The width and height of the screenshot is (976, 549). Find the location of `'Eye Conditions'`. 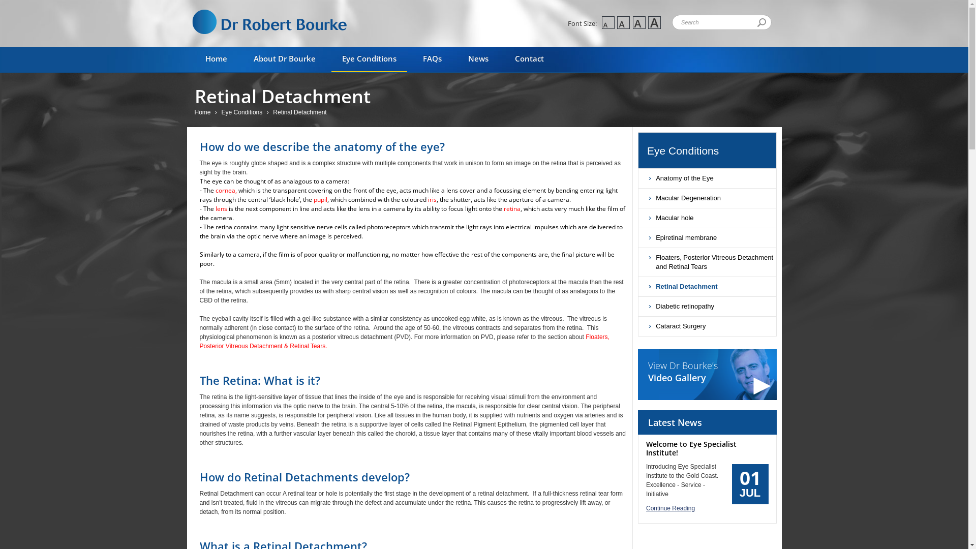

'Eye Conditions' is located at coordinates (711, 151).